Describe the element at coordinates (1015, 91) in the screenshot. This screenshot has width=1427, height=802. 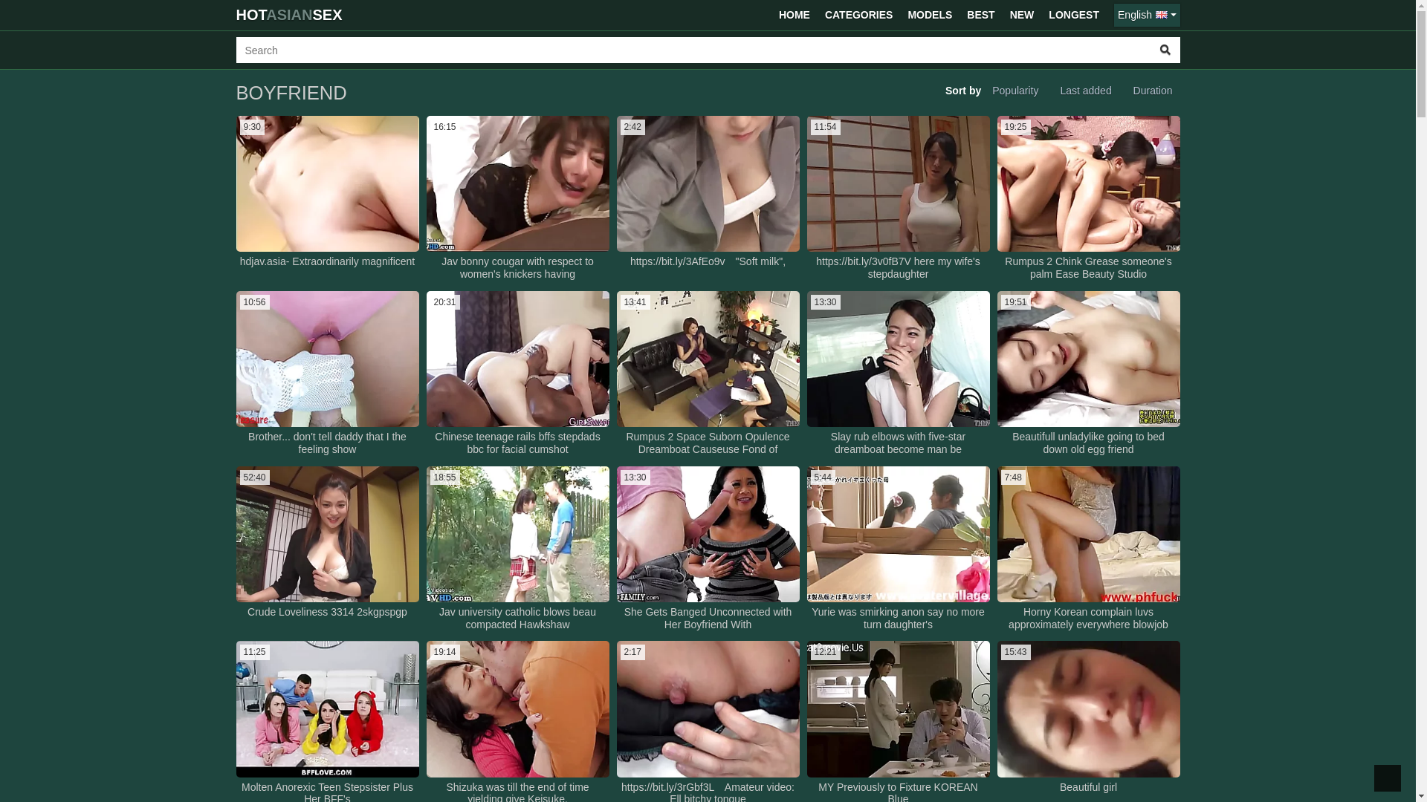
I see `'Popularity'` at that location.